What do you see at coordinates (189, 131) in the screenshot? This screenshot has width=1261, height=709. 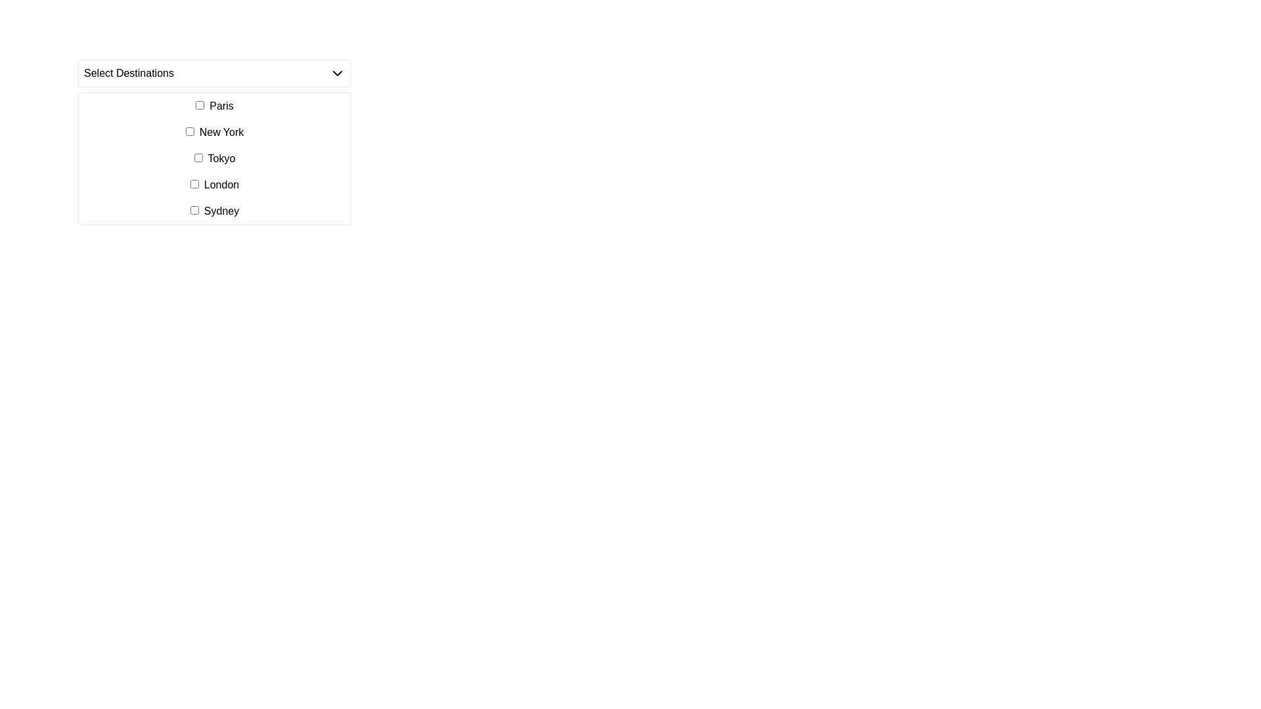 I see `the checkbox located to the left of the 'New York' label in the vertical list of options for keyboard interaction` at bounding box center [189, 131].